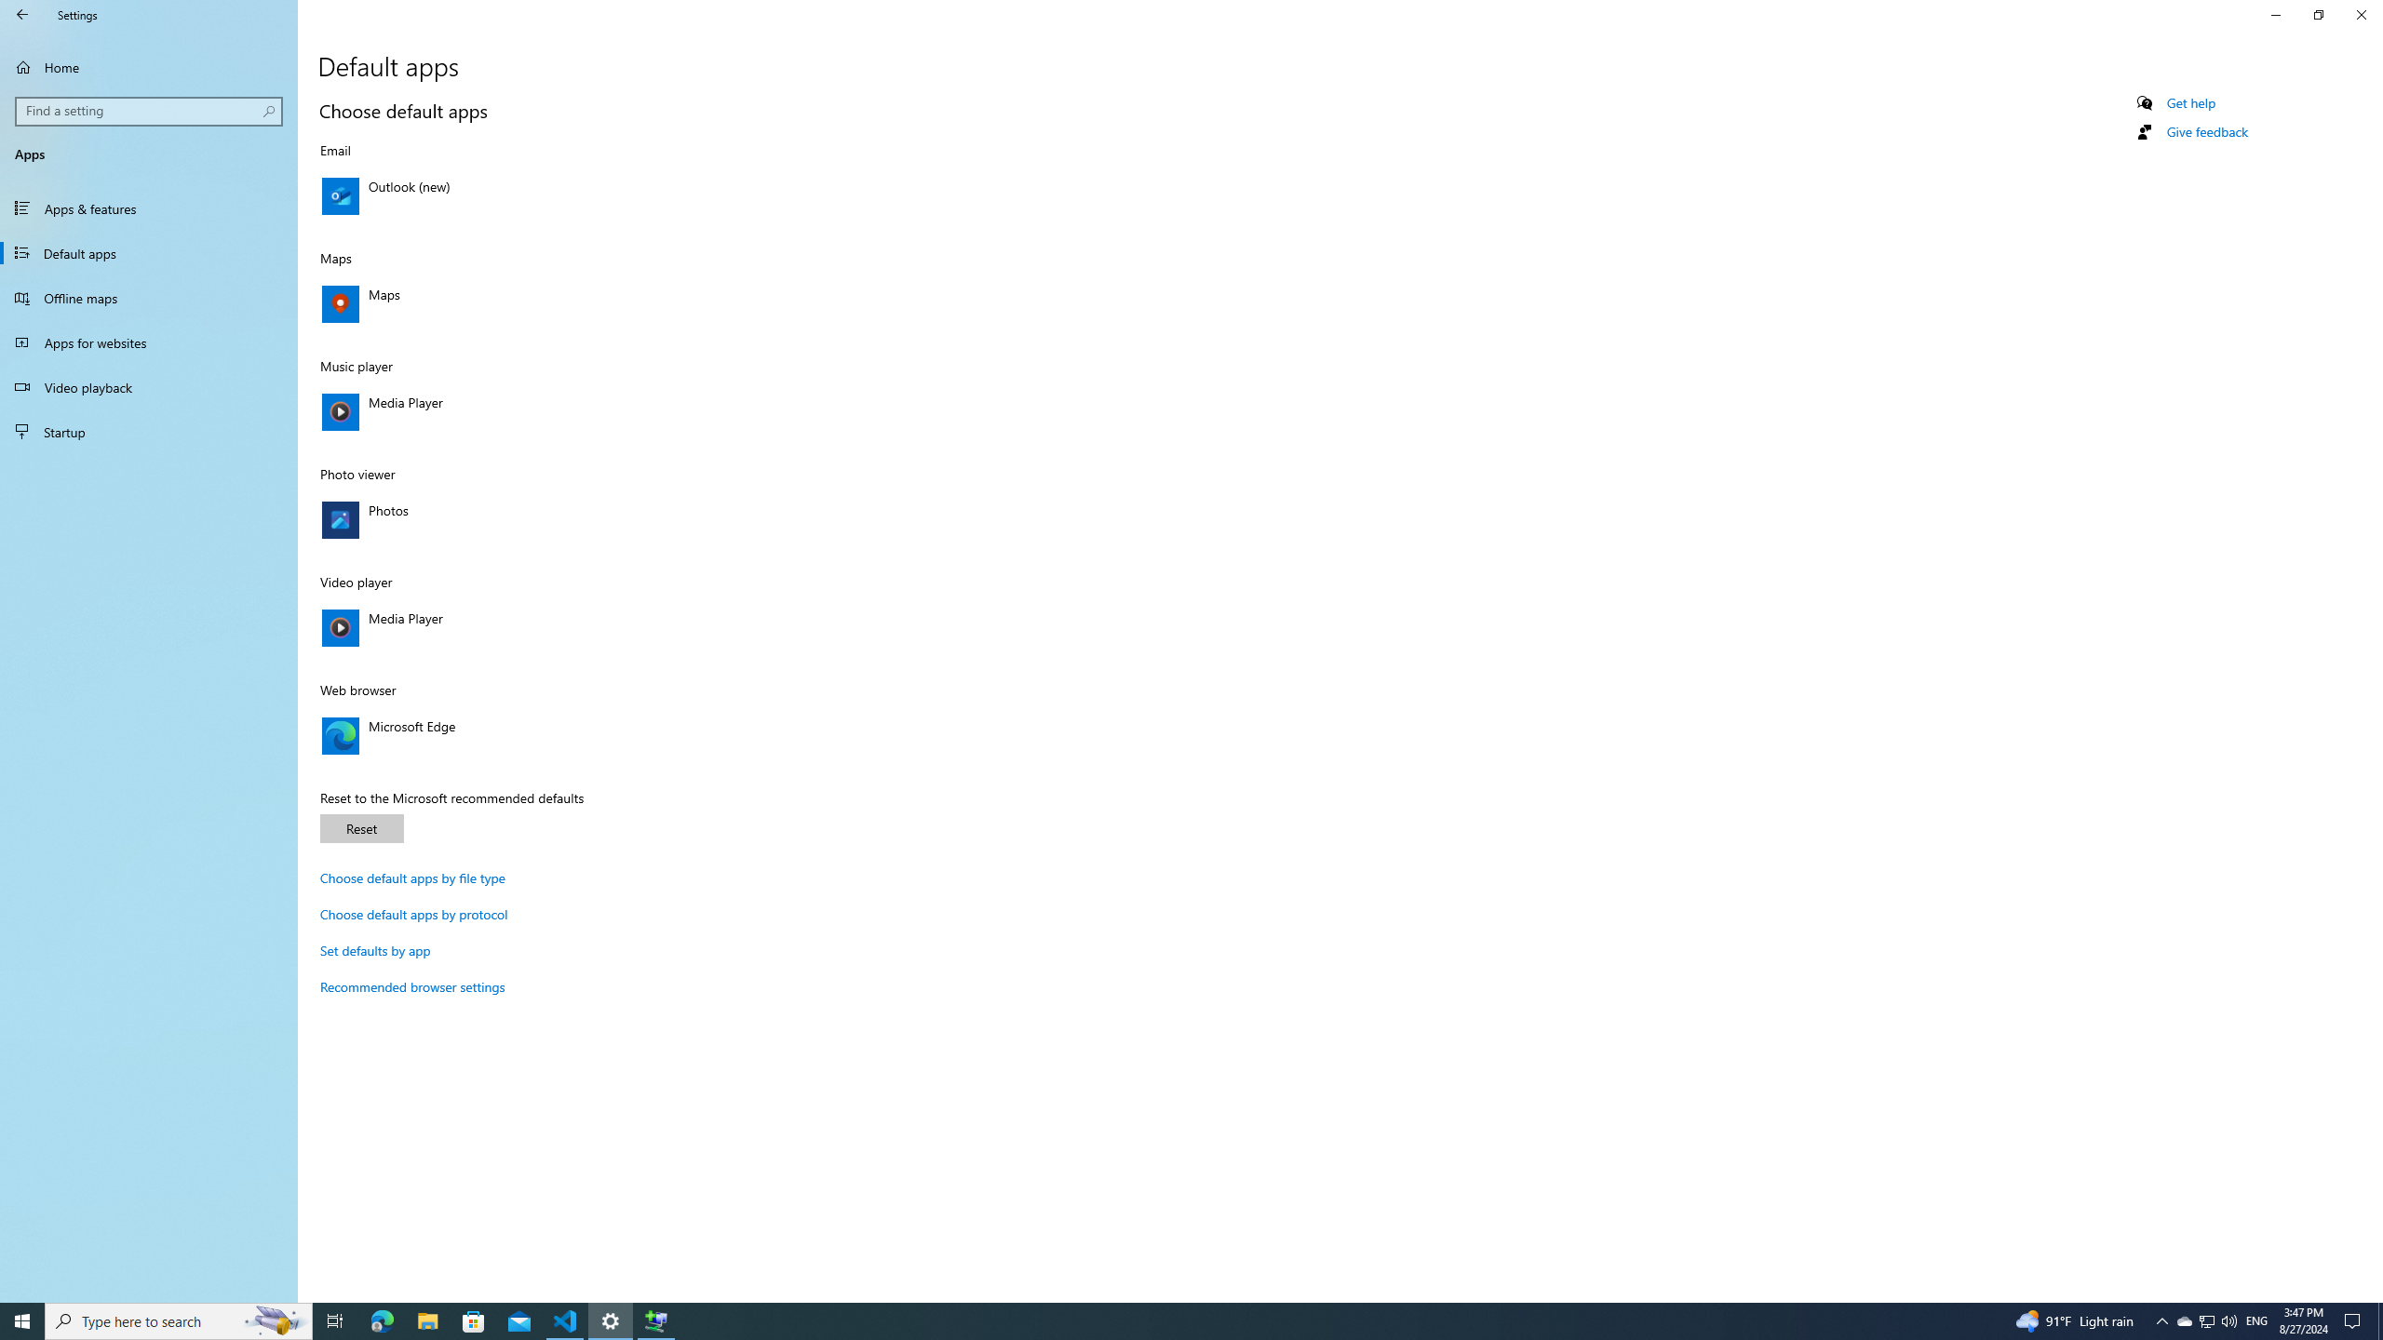 This screenshot has height=1340, width=2383. What do you see at coordinates (148, 67) in the screenshot?
I see `'Home'` at bounding box center [148, 67].